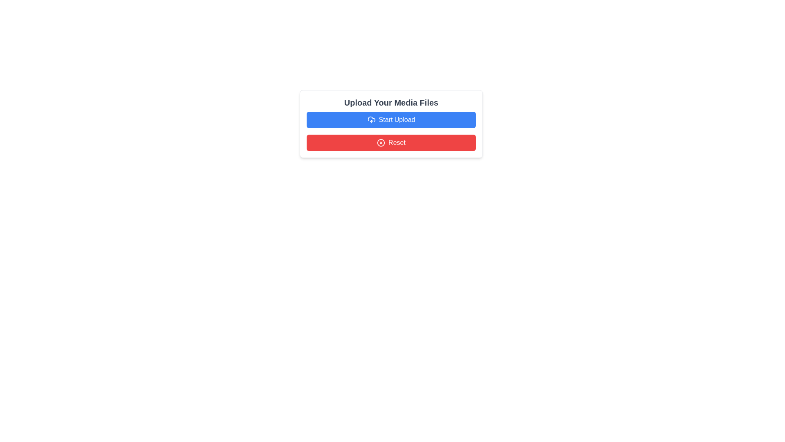 This screenshot has height=442, width=785. What do you see at coordinates (390, 142) in the screenshot?
I see `the 'Reset' button` at bounding box center [390, 142].